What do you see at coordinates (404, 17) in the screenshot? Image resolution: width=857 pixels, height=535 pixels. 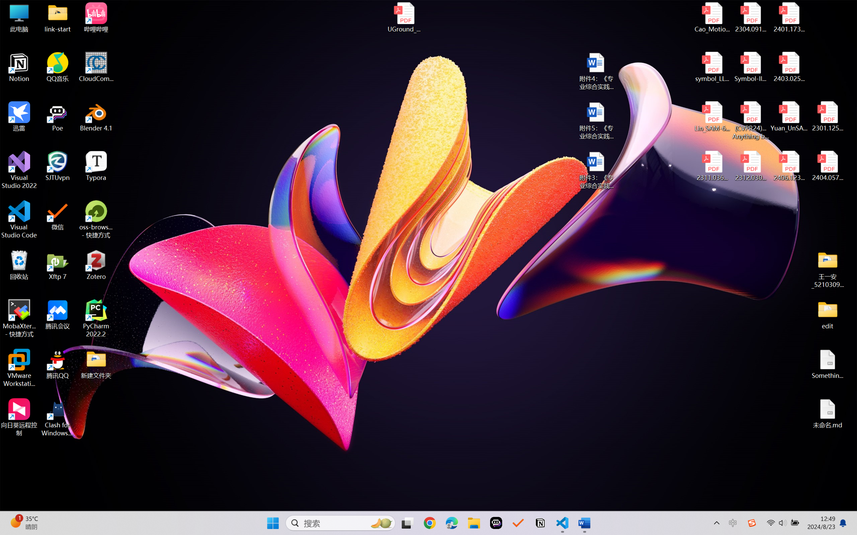 I see `'UGround_paper.pdf'` at bounding box center [404, 17].